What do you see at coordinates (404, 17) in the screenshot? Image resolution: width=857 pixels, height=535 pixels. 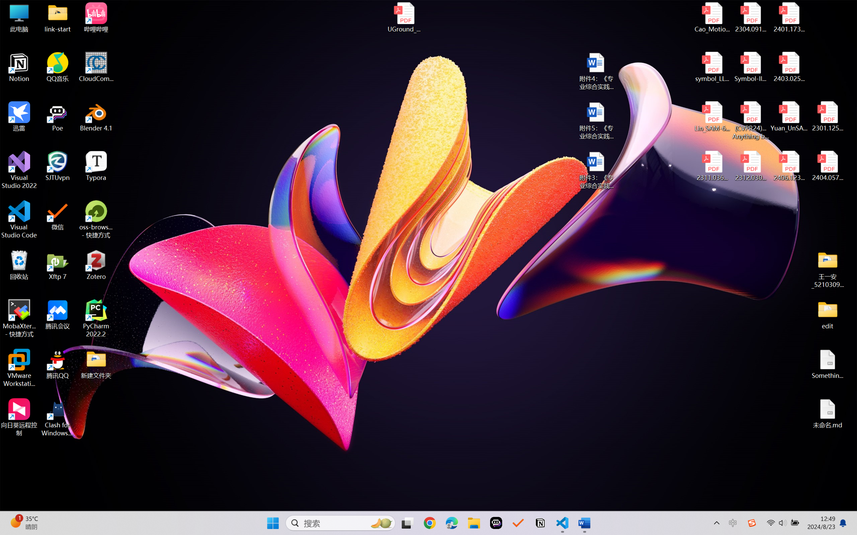 I see `'UGround_paper.pdf'` at bounding box center [404, 17].